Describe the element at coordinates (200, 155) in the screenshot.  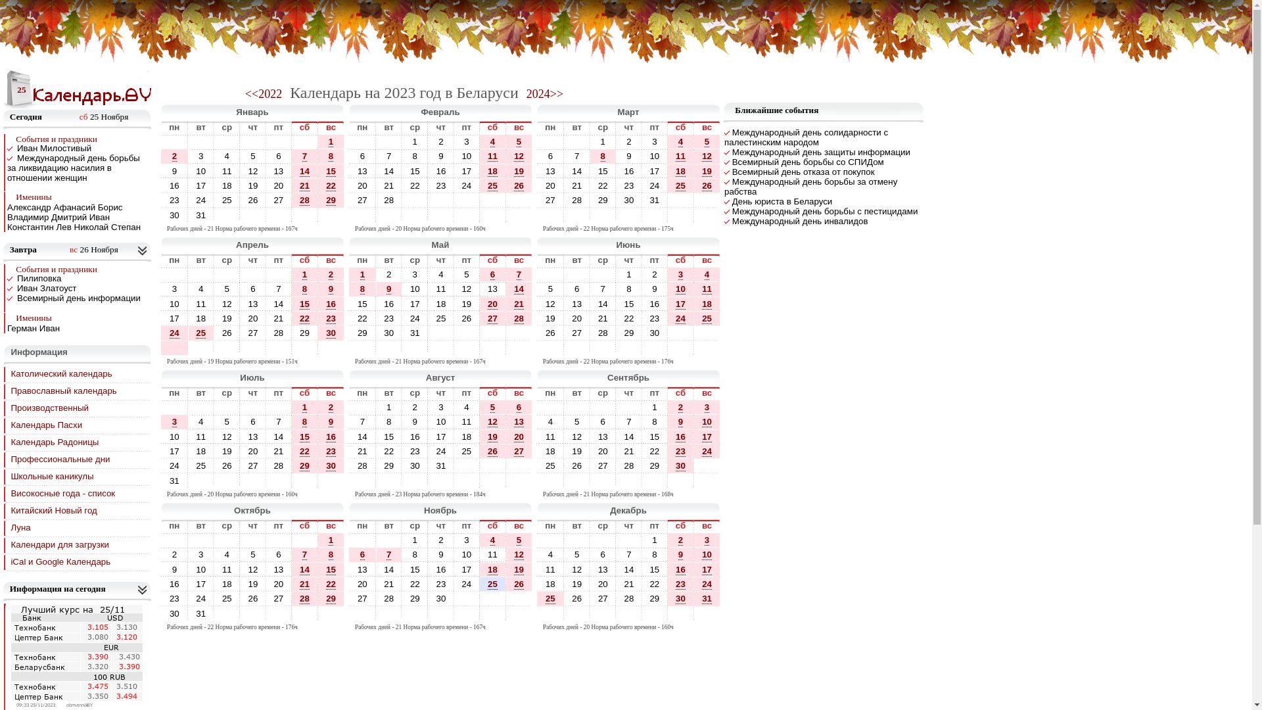
I see `'3'` at that location.